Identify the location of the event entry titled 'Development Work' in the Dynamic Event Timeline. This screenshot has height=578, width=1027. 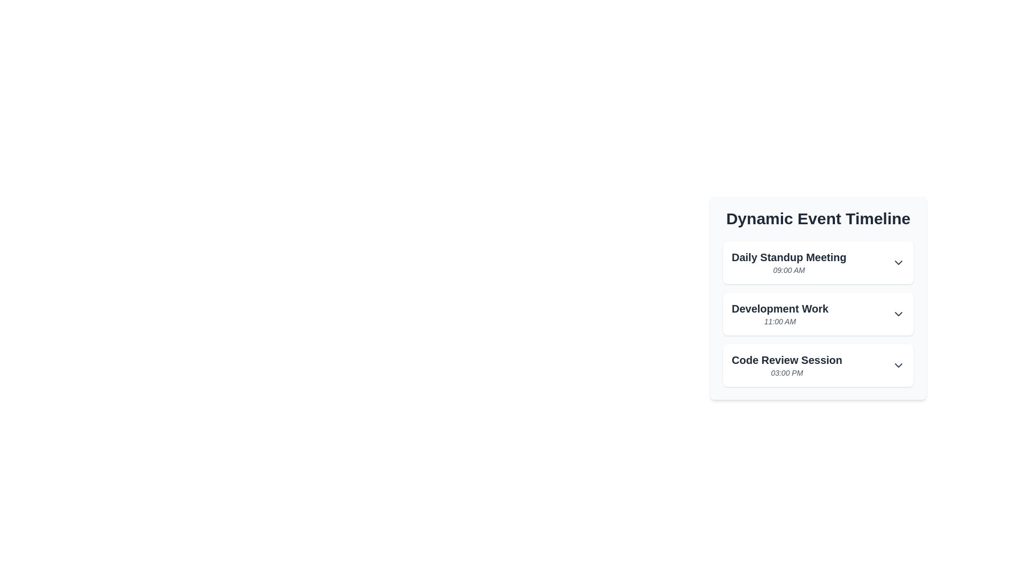
(818, 313).